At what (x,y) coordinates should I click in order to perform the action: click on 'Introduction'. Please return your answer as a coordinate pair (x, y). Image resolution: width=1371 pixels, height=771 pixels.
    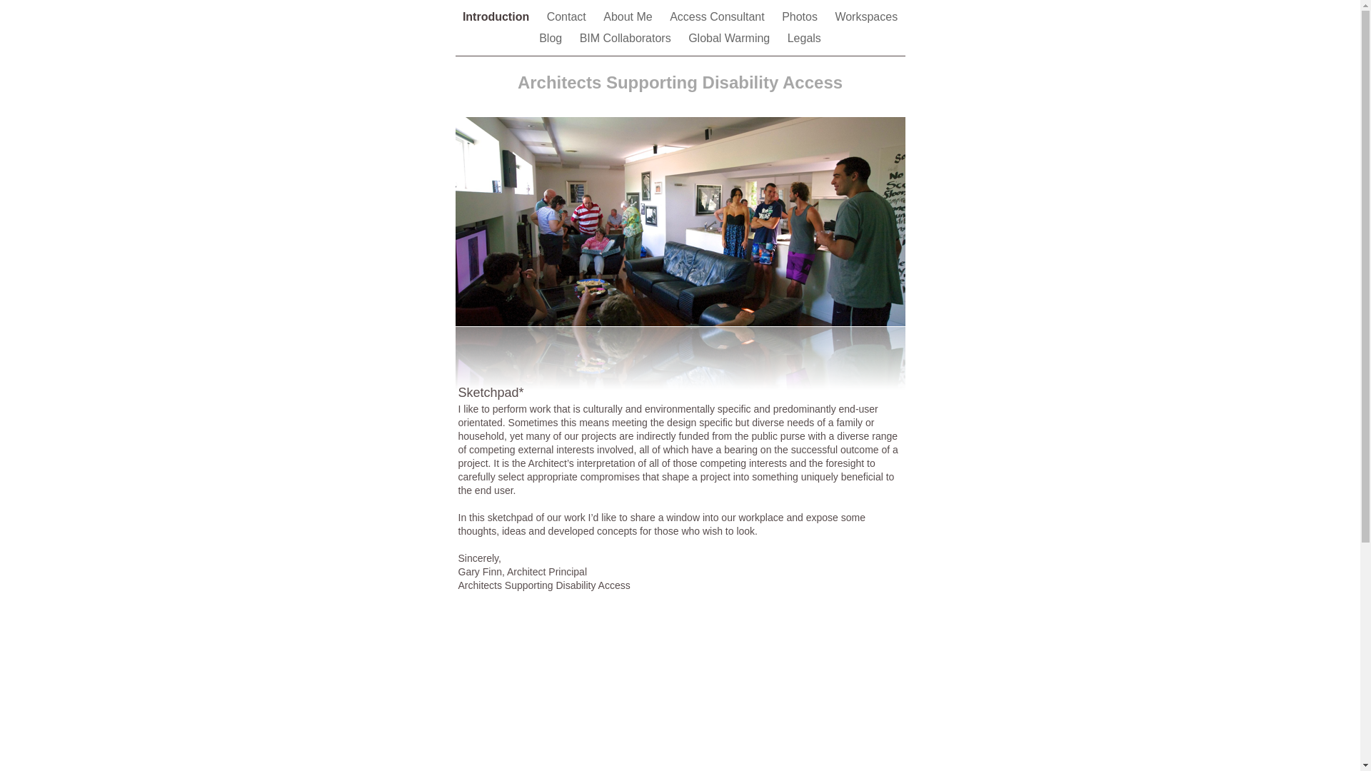
    Looking at the image, I should click on (497, 16).